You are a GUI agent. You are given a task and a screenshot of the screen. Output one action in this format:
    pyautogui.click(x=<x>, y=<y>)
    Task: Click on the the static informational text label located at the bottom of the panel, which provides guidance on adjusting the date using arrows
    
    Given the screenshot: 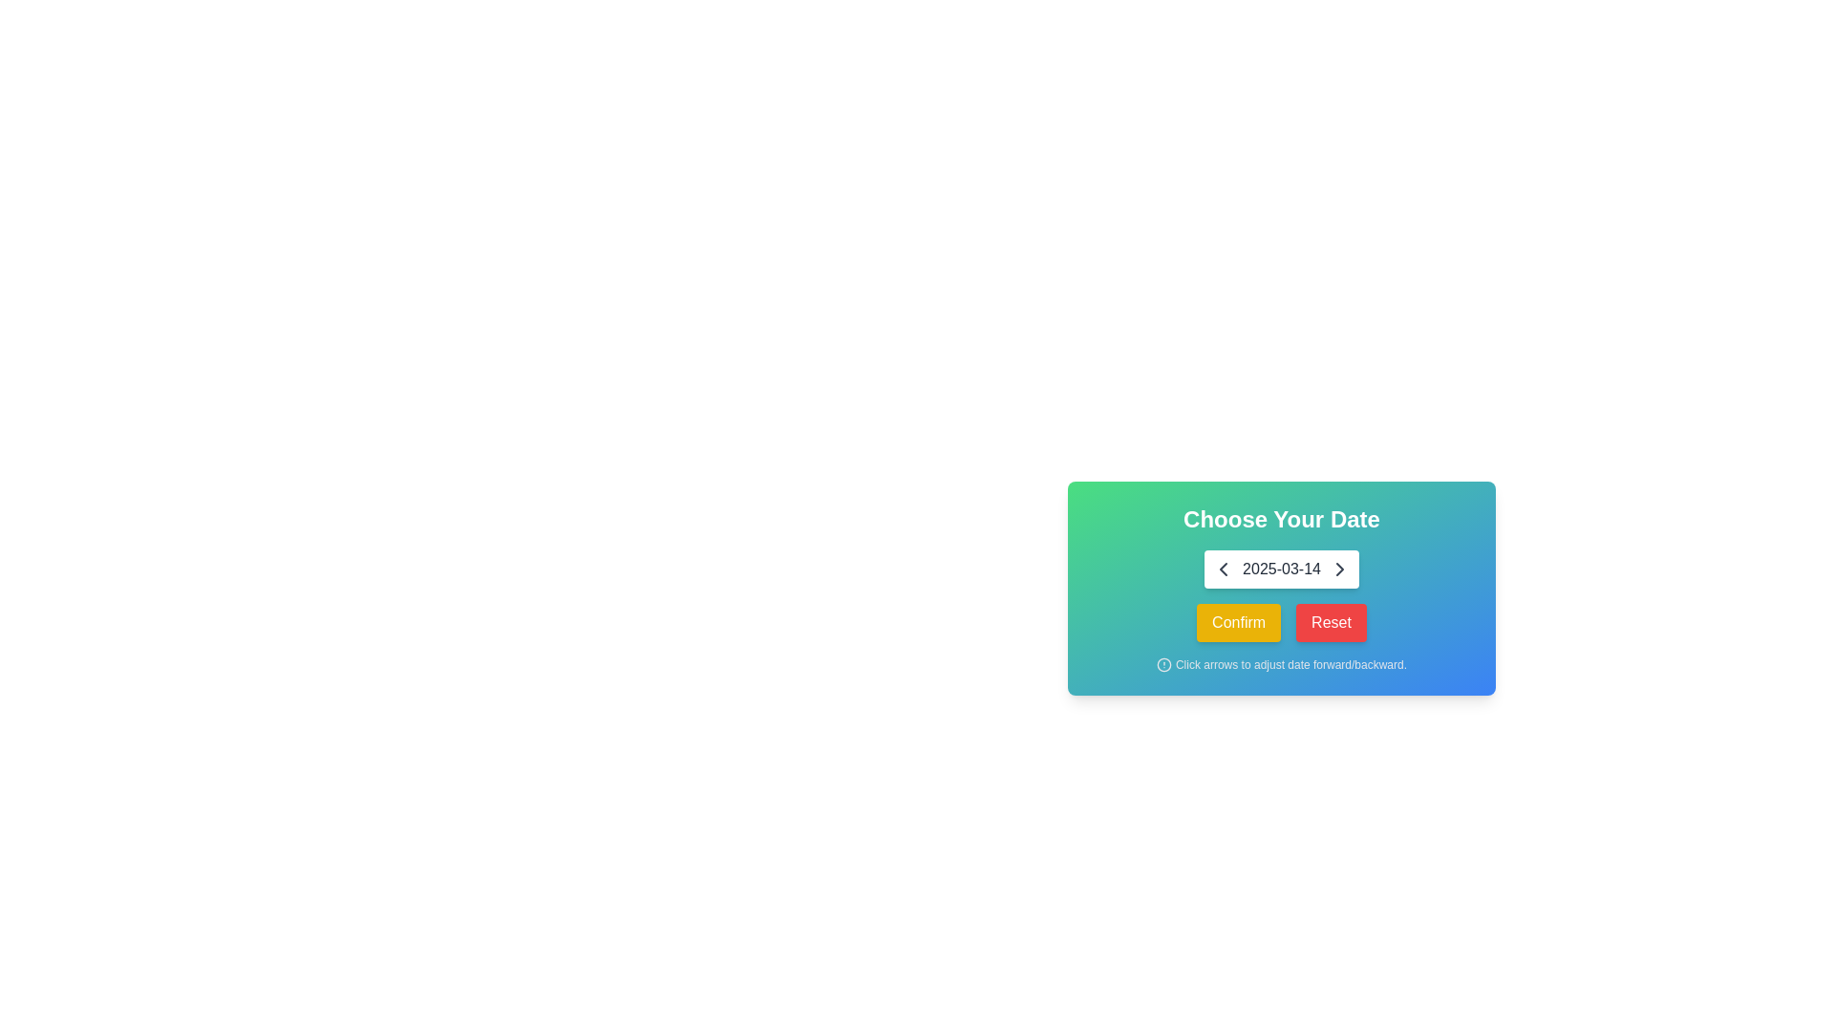 What is the action you would take?
    pyautogui.click(x=1282, y=663)
    